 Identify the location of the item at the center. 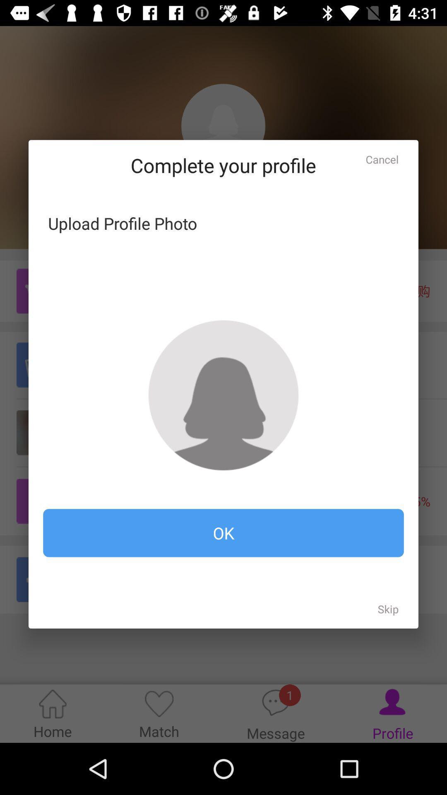
(223, 395).